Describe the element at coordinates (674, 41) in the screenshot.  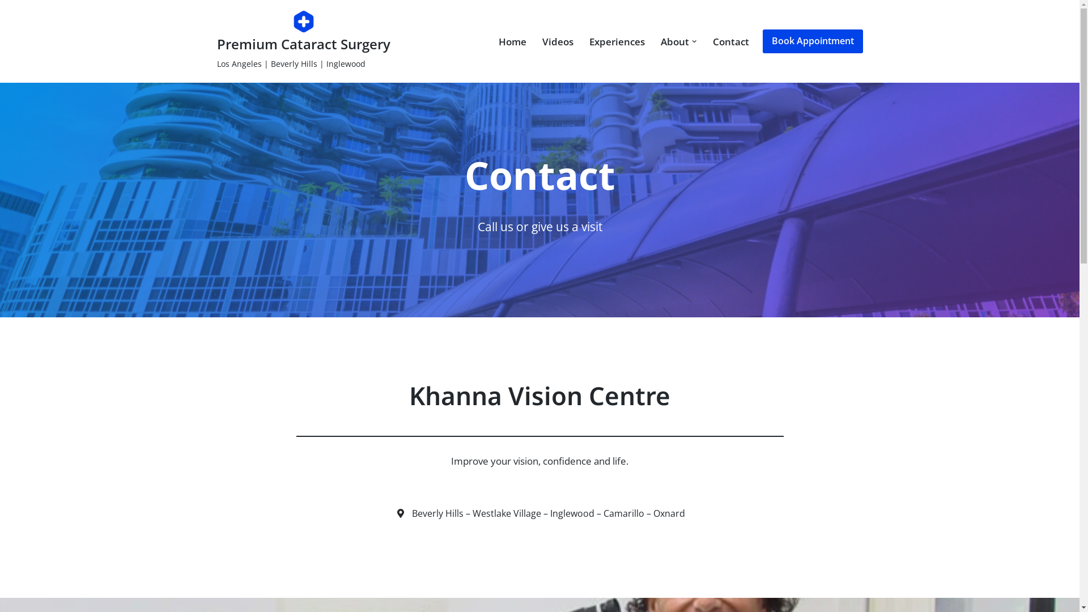
I see `'About'` at that location.